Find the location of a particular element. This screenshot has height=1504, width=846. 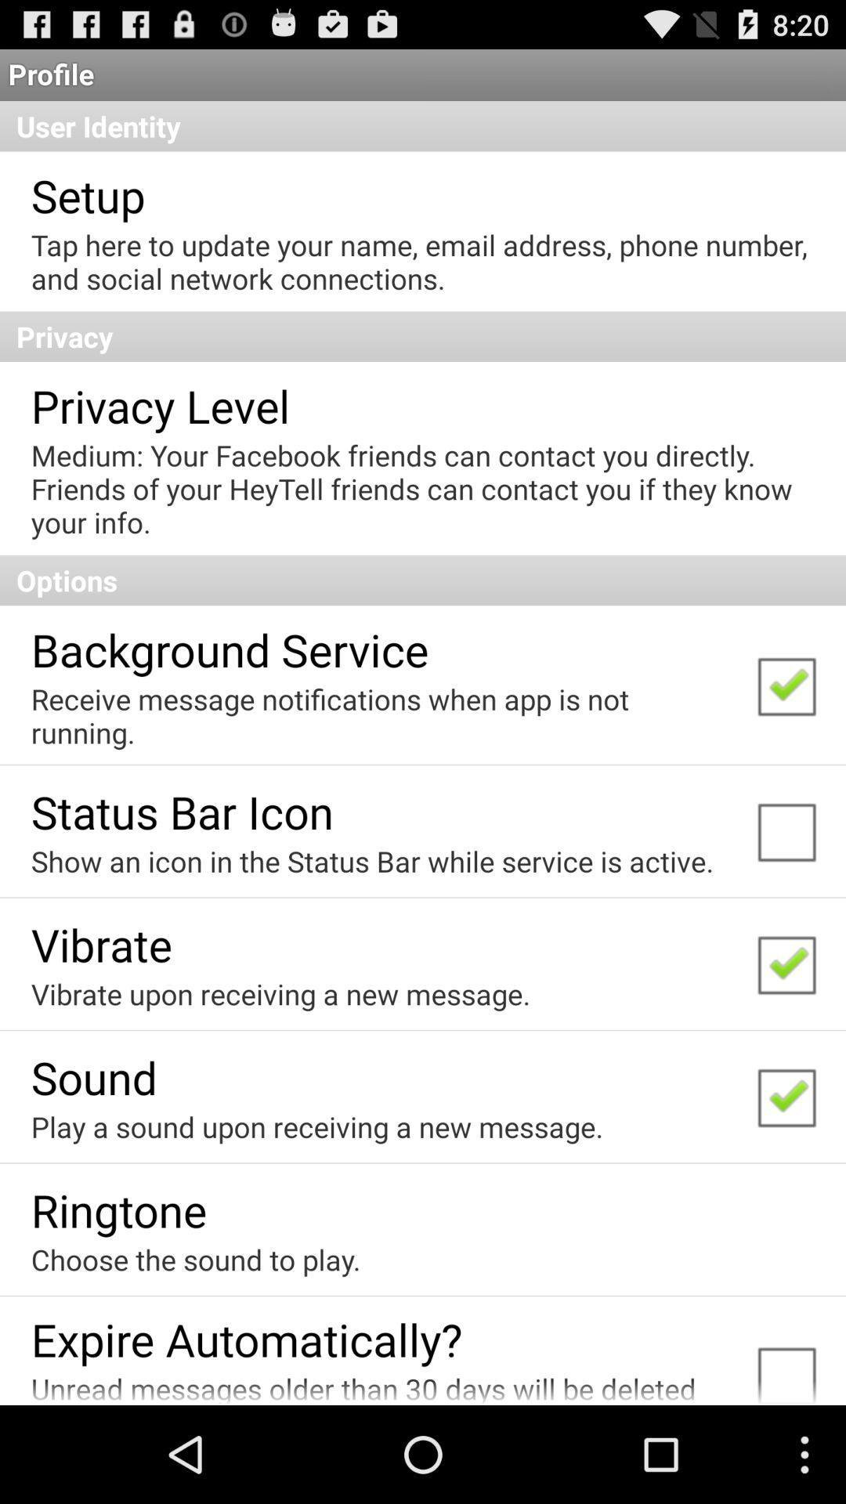

the options item is located at coordinates (423, 579).